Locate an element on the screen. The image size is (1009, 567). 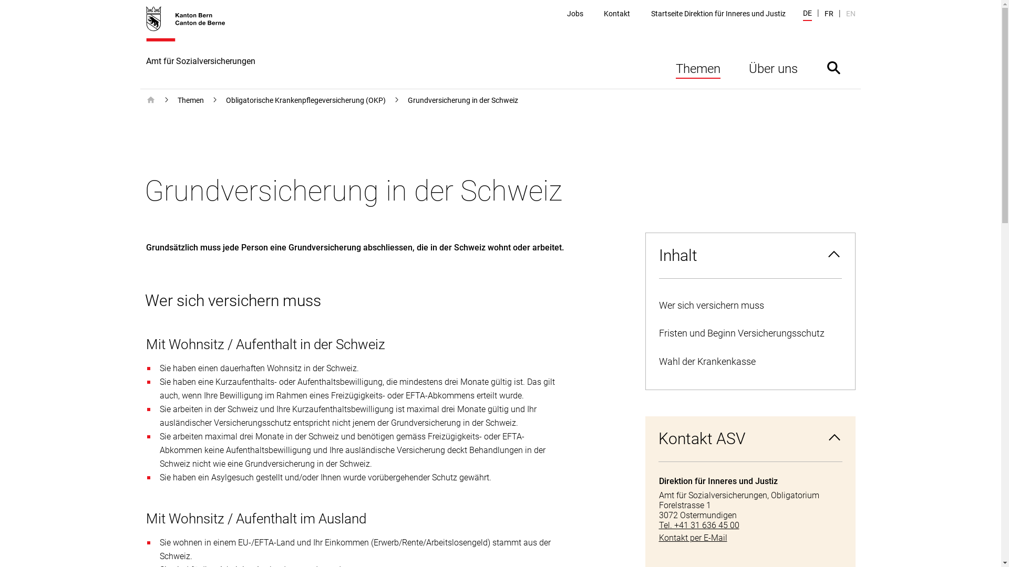
'Wer sich versichern muss' is located at coordinates (749, 306).